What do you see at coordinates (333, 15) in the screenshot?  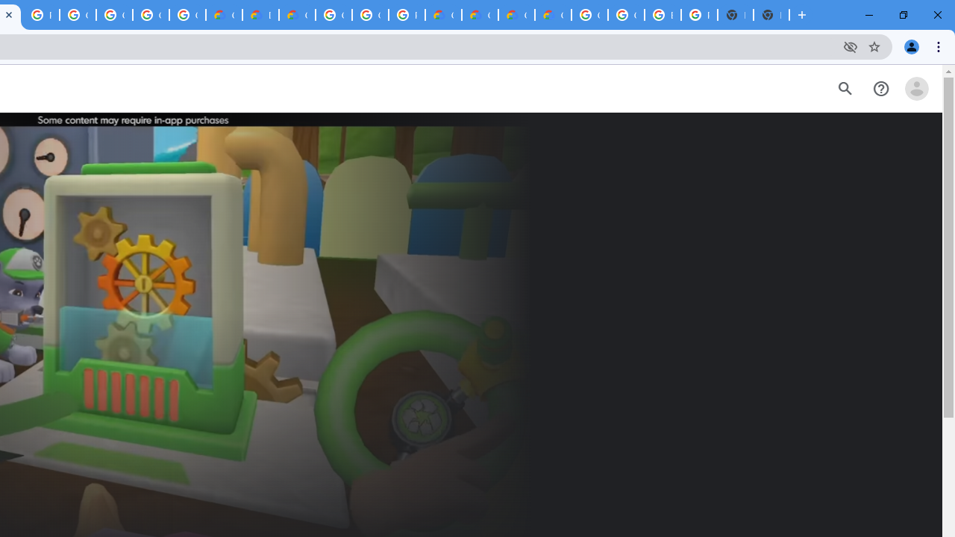 I see `'Google Cloud Platform'` at bounding box center [333, 15].